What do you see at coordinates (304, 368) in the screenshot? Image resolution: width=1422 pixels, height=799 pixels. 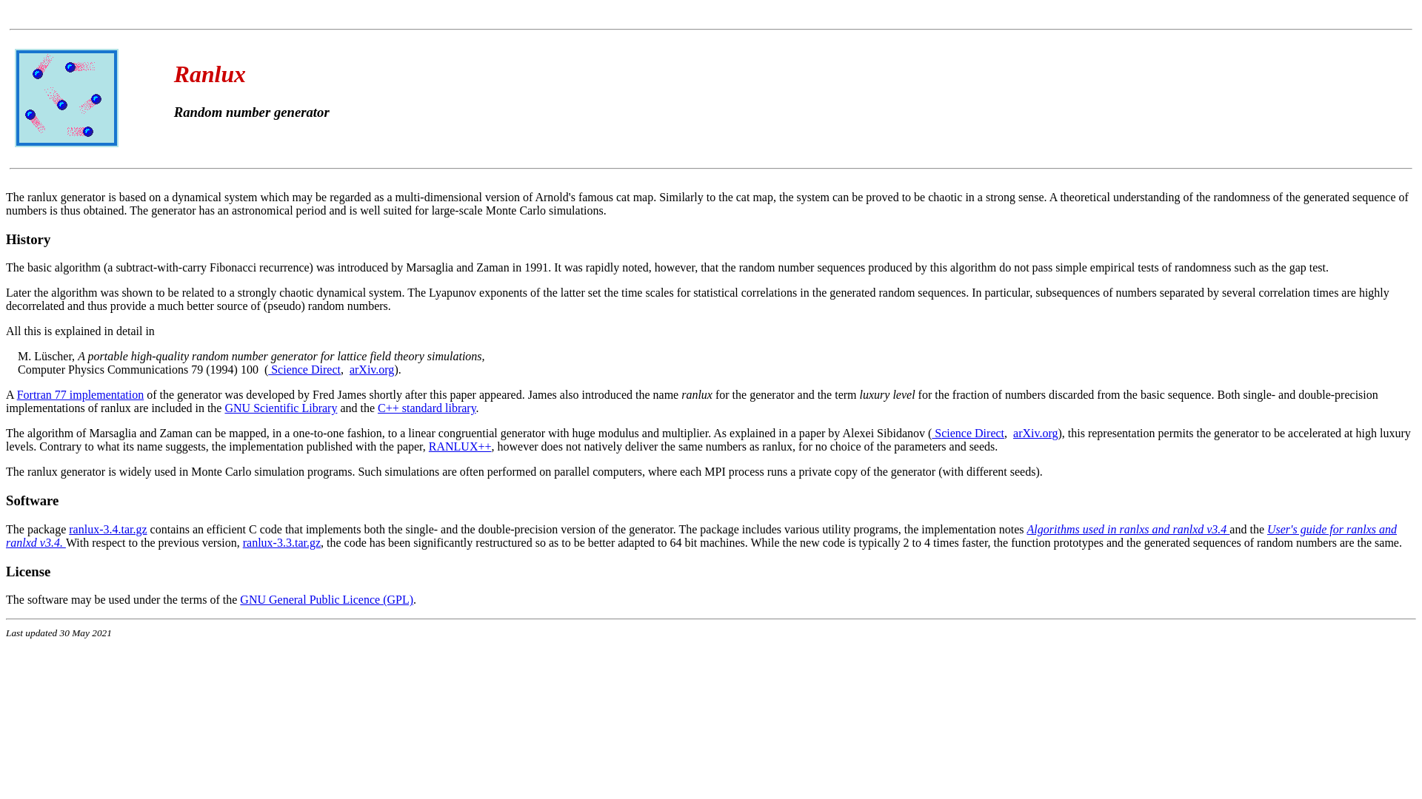 I see `'Science Direct'` at bounding box center [304, 368].